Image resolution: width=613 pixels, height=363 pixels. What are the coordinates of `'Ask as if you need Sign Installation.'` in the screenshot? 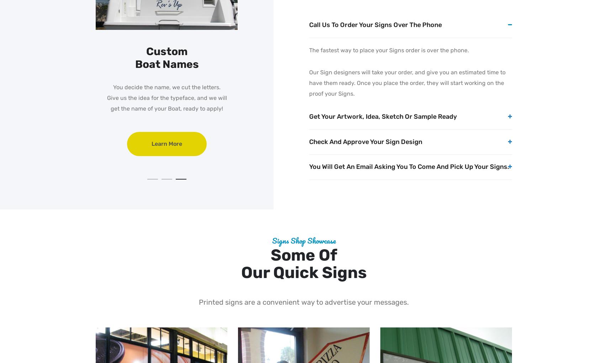 It's located at (166, 108).